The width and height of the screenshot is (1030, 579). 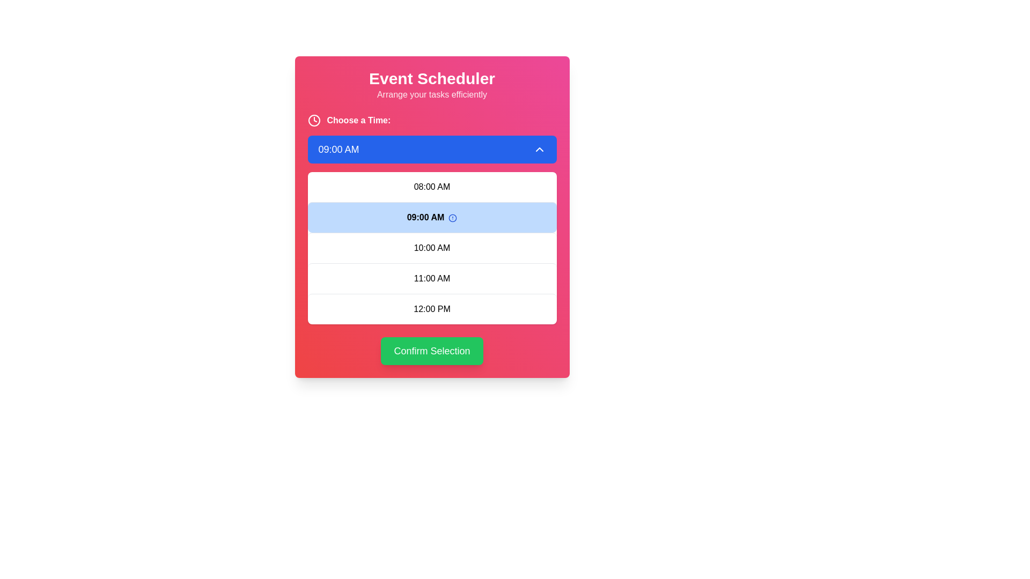 I want to click on the text label located to the right of the clock icon in the time selection section, so click(x=358, y=120).